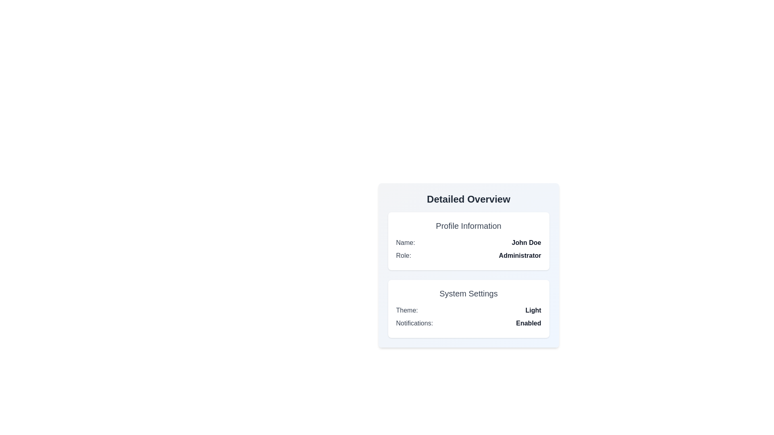  What do you see at coordinates (407, 310) in the screenshot?
I see `the text label displaying 'Theme:' within the 'System Settings' section of the 'Detailed Overview' card` at bounding box center [407, 310].